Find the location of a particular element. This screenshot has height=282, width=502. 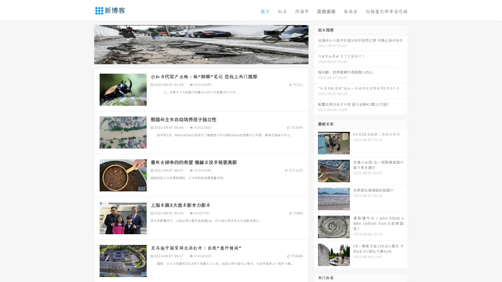

Next slide is located at coordinates (316, 44).